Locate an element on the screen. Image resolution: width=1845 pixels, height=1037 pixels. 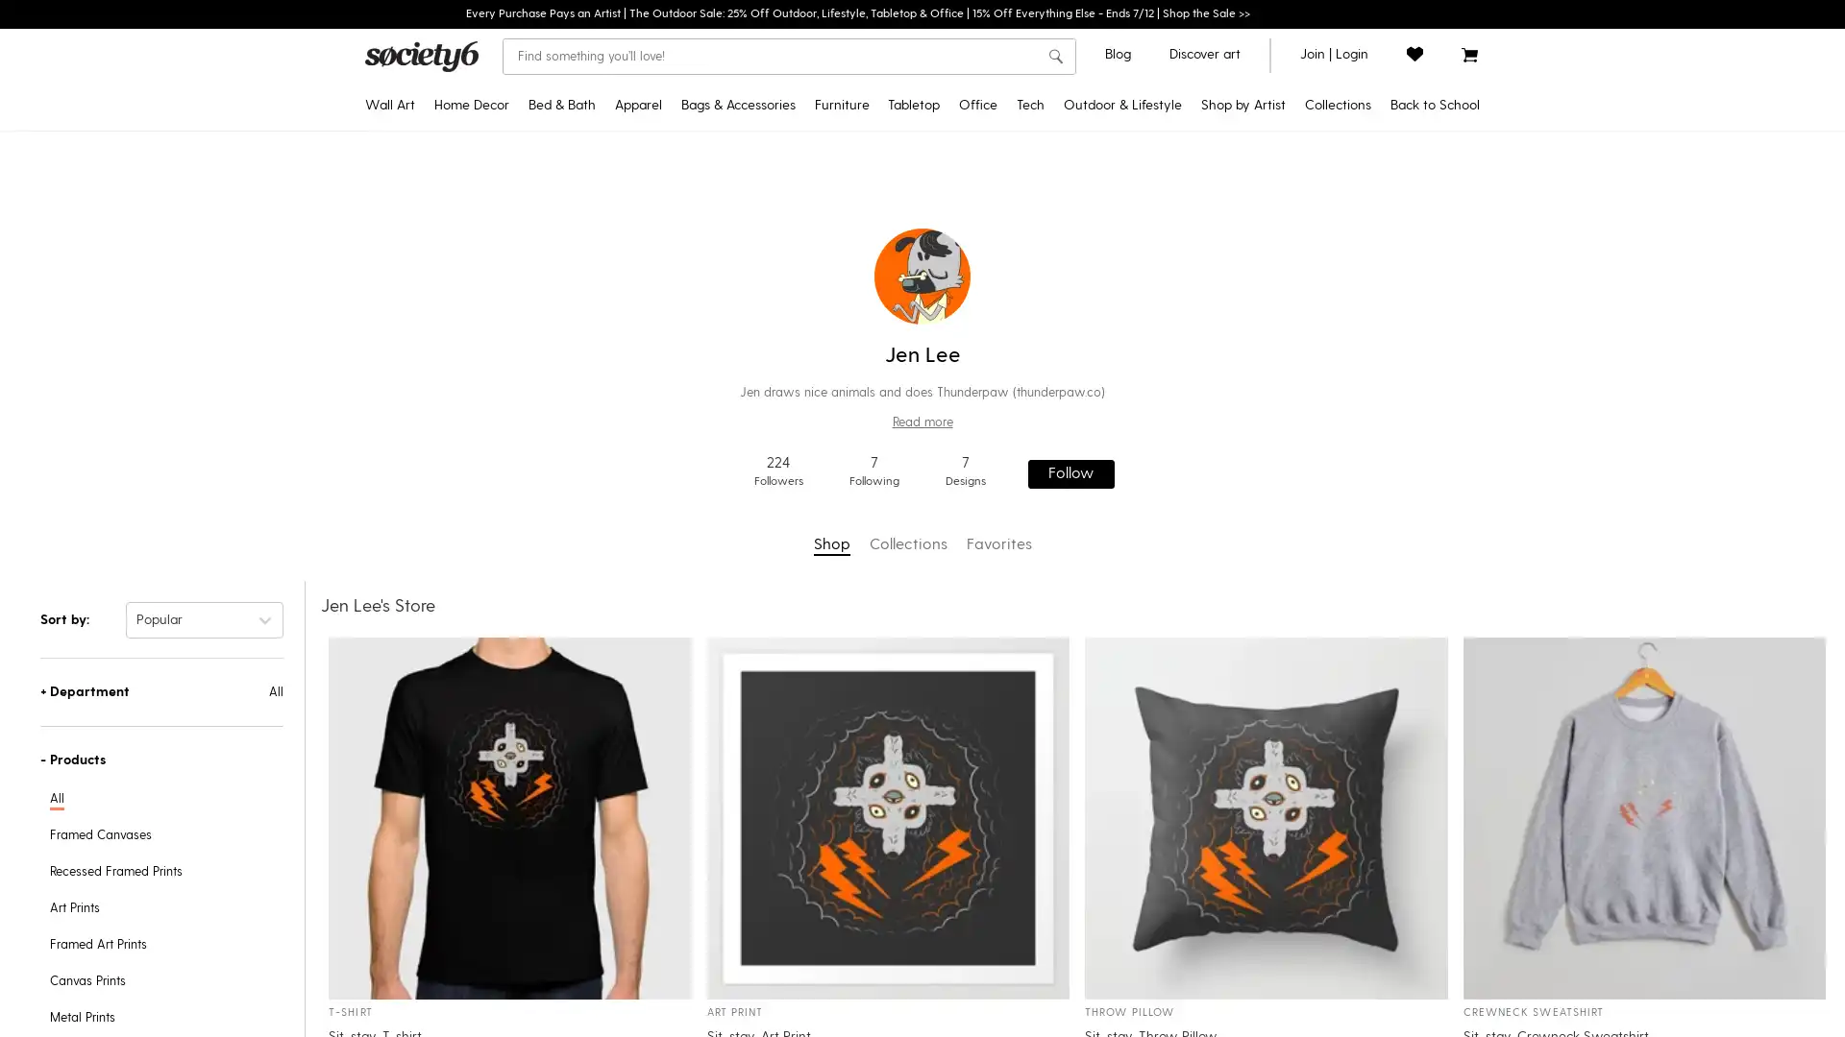
Framed Art Prints is located at coordinates (452, 184).